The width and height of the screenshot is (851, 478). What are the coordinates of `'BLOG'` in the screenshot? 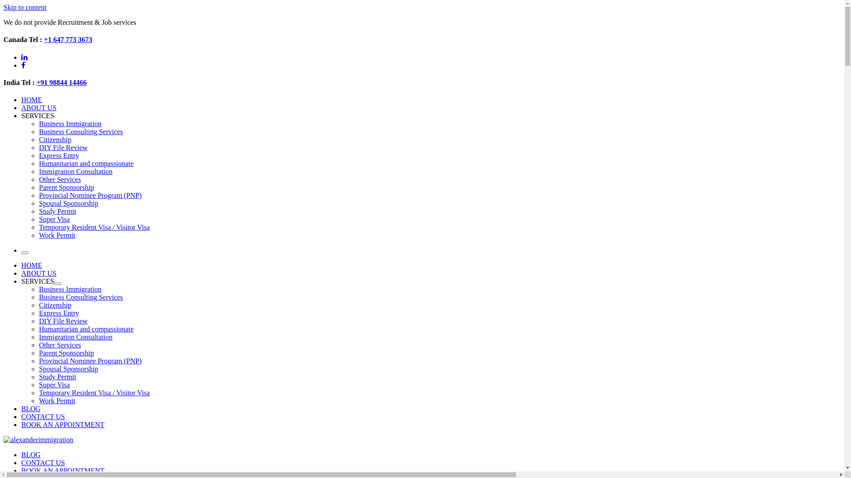 It's located at (31, 455).